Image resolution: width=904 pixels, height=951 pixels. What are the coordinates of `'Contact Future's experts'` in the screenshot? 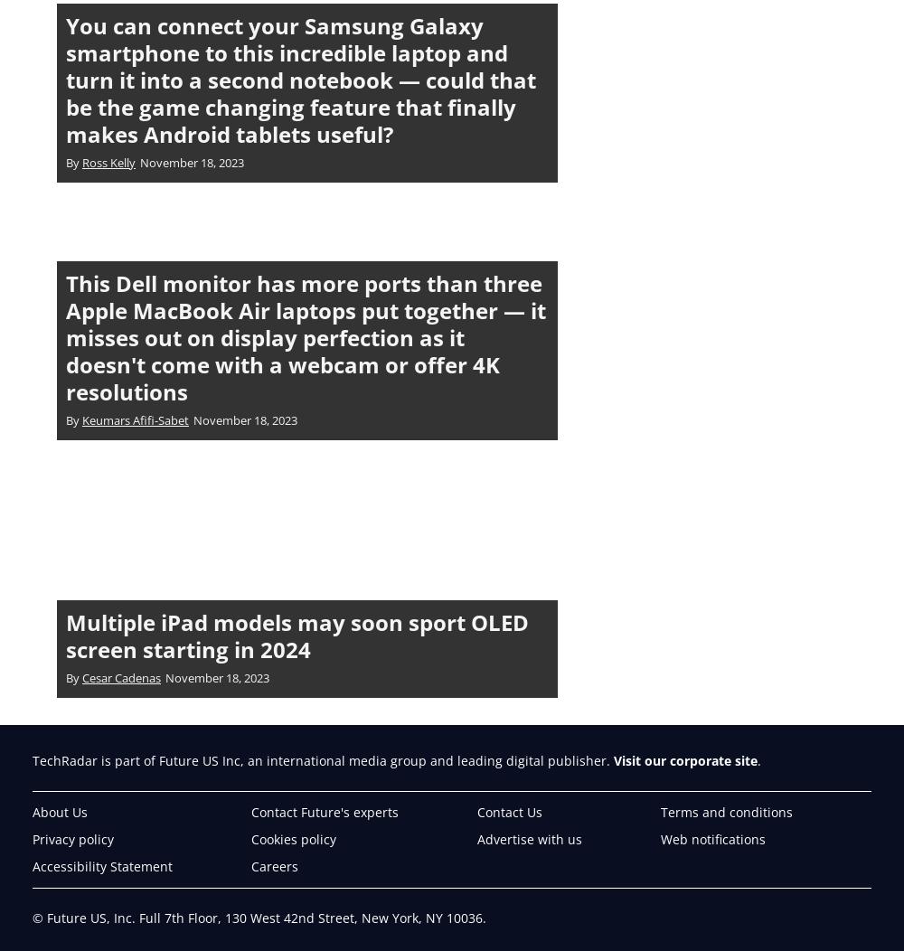 It's located at (324, 811).